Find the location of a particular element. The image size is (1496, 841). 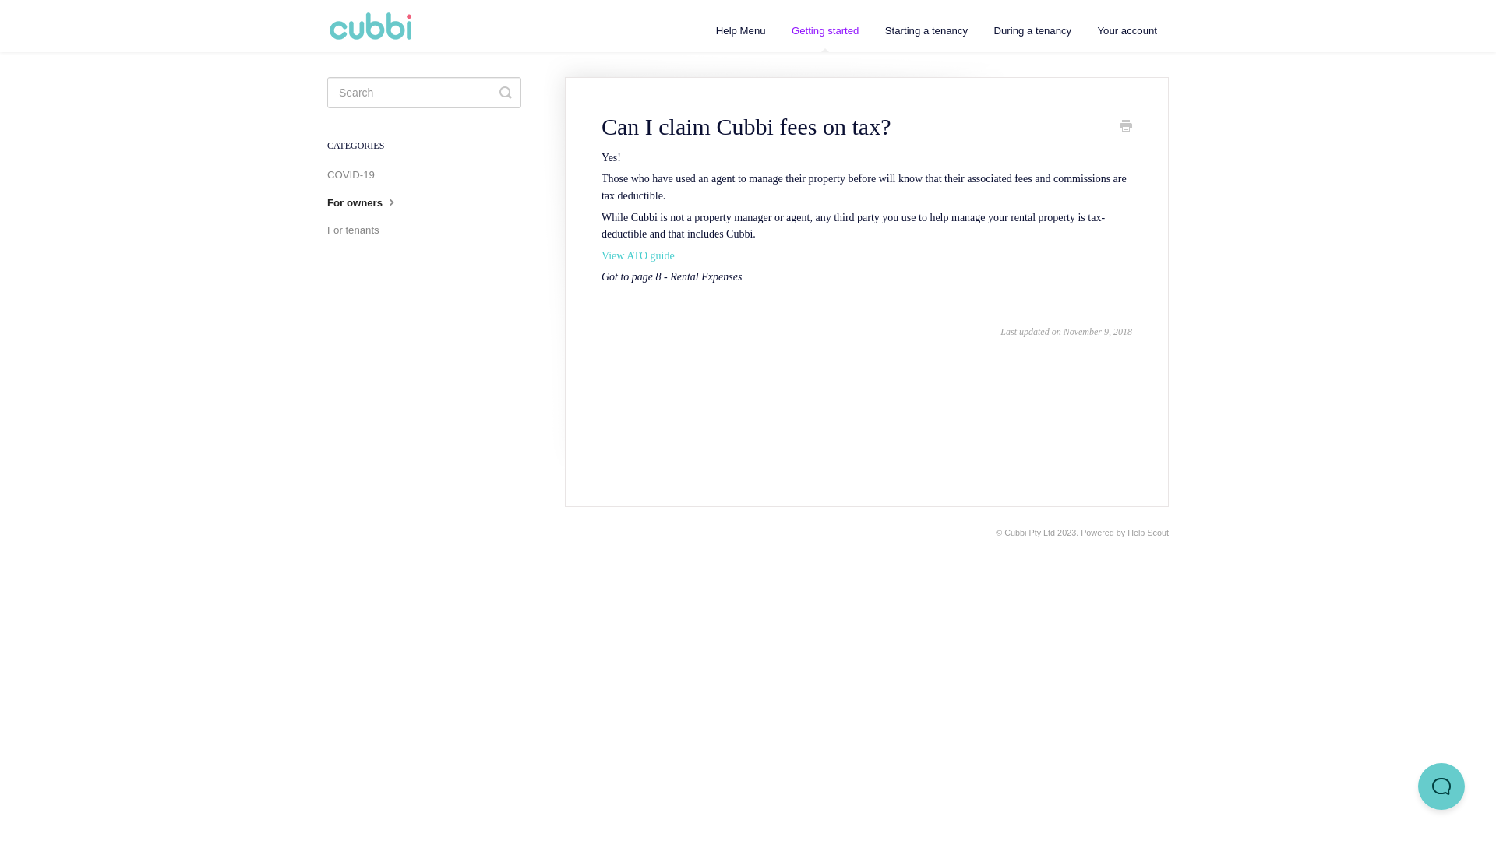

'For owners' is located at coordinates (369, 202).